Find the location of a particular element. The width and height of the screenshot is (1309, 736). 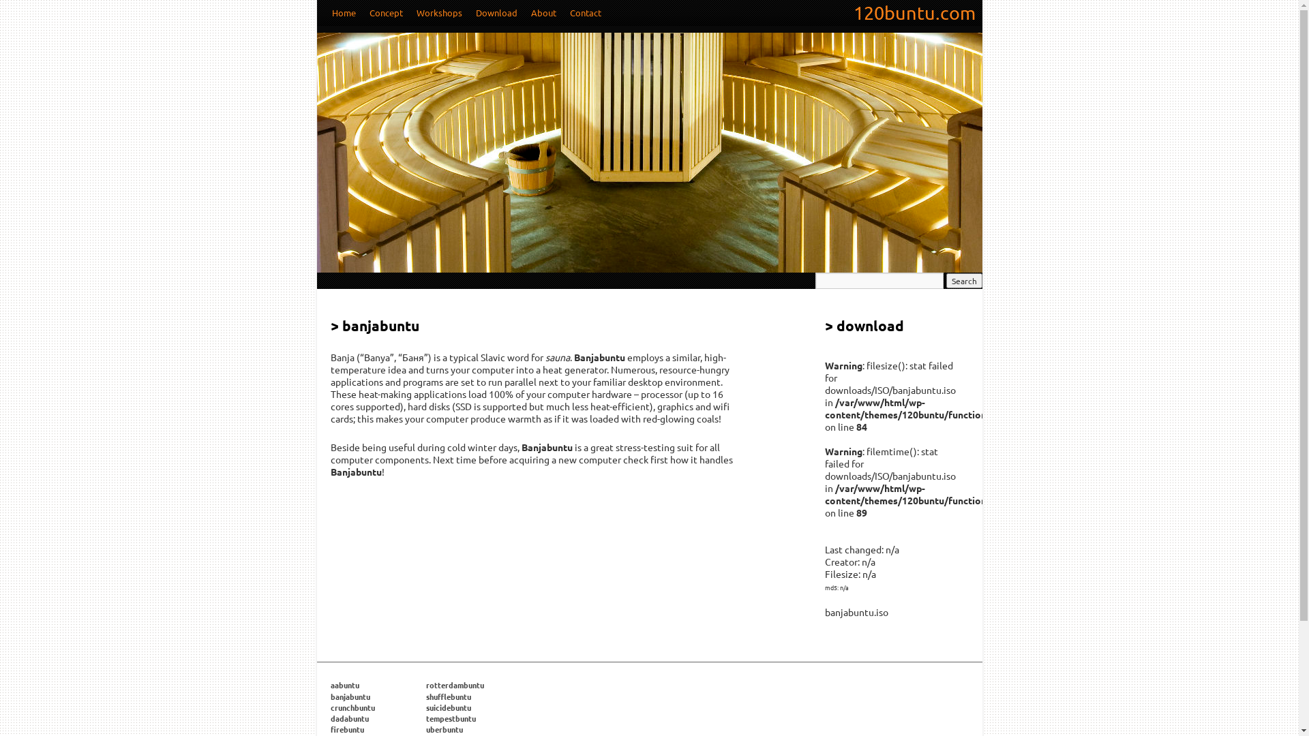

'tempestbuntu' is located at coordinates (450, 717).